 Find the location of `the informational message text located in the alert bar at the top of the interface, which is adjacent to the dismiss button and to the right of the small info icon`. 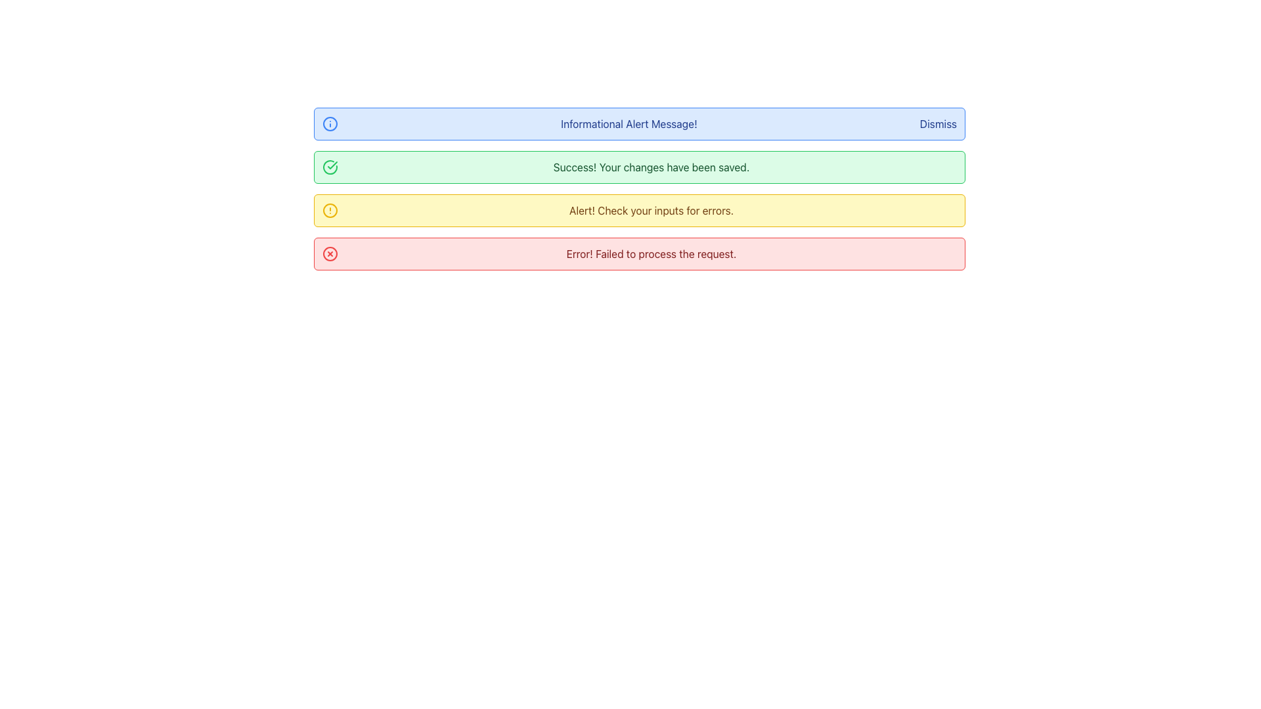

the informational message text located in the alert bar at the top of the interface, which is adjacent to the dismiss button and to the right of the small info icon is located at coordinates (628, 124).